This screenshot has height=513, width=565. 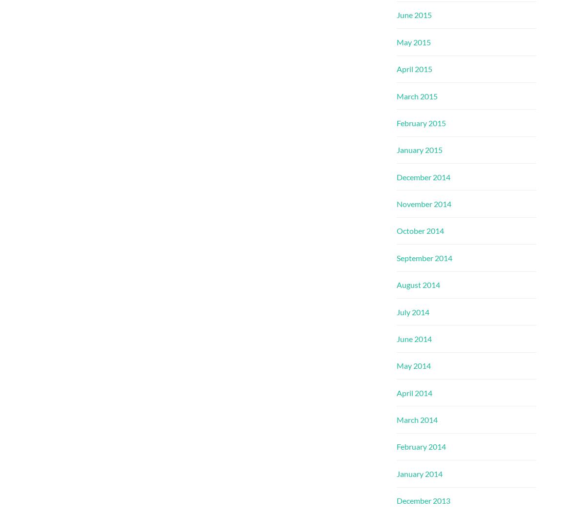 What do you see at coordinates (414, 15) in the screenshot?
I see `'June 2015'` at bounding box center [414, 15].